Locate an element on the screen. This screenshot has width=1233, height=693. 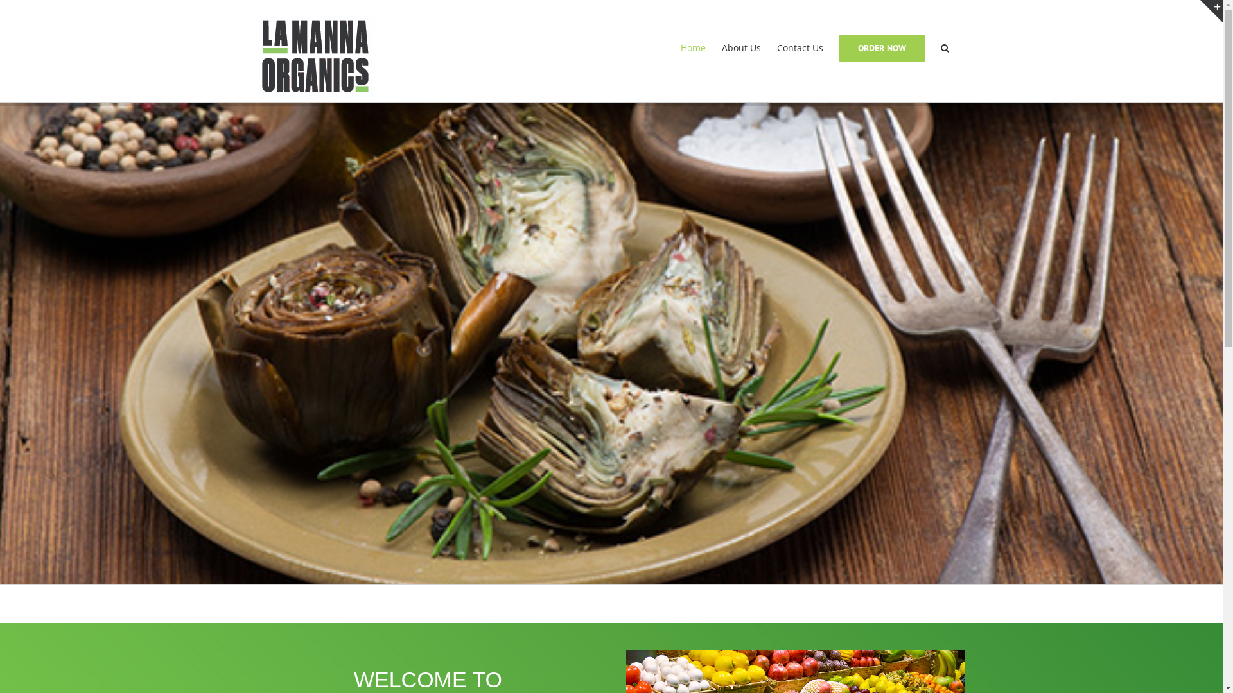
'Contact Us' is located at coordinates (800, 47).